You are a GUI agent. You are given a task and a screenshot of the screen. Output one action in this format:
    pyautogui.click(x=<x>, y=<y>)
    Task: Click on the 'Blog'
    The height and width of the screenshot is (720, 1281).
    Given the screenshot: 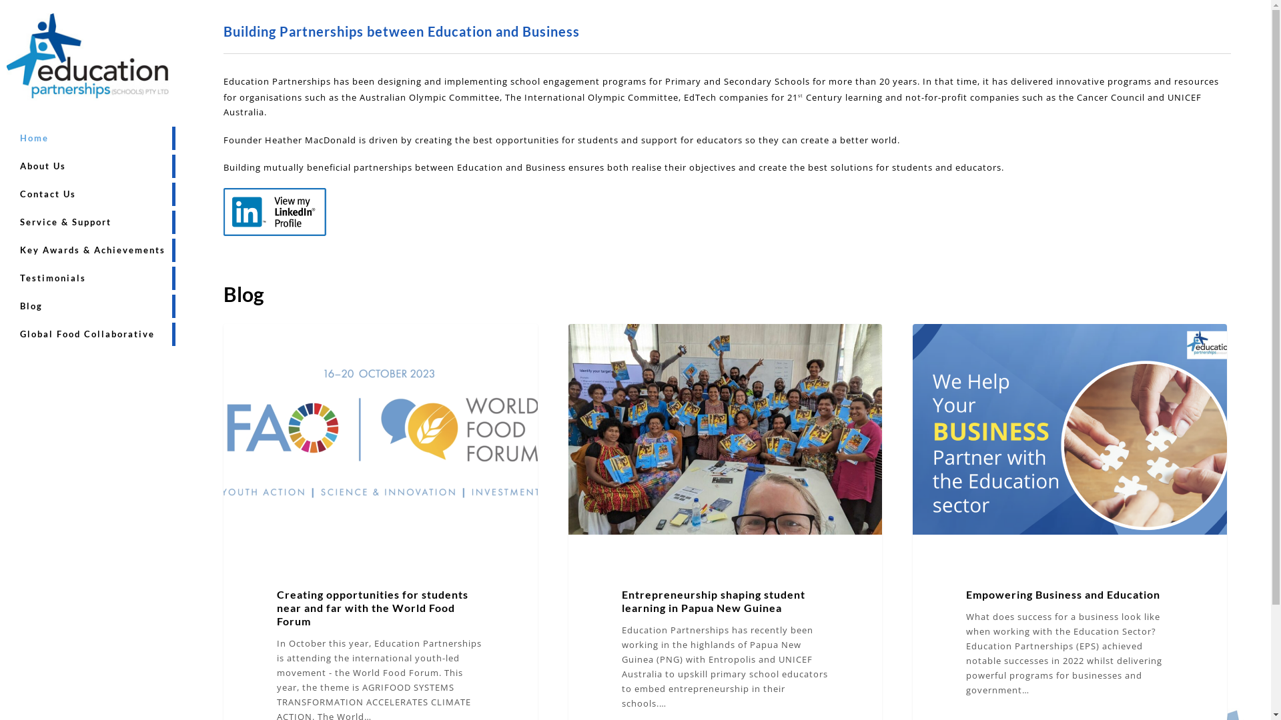 What is the action you would take?
    pyautogui.click(x=31, y=306)
    